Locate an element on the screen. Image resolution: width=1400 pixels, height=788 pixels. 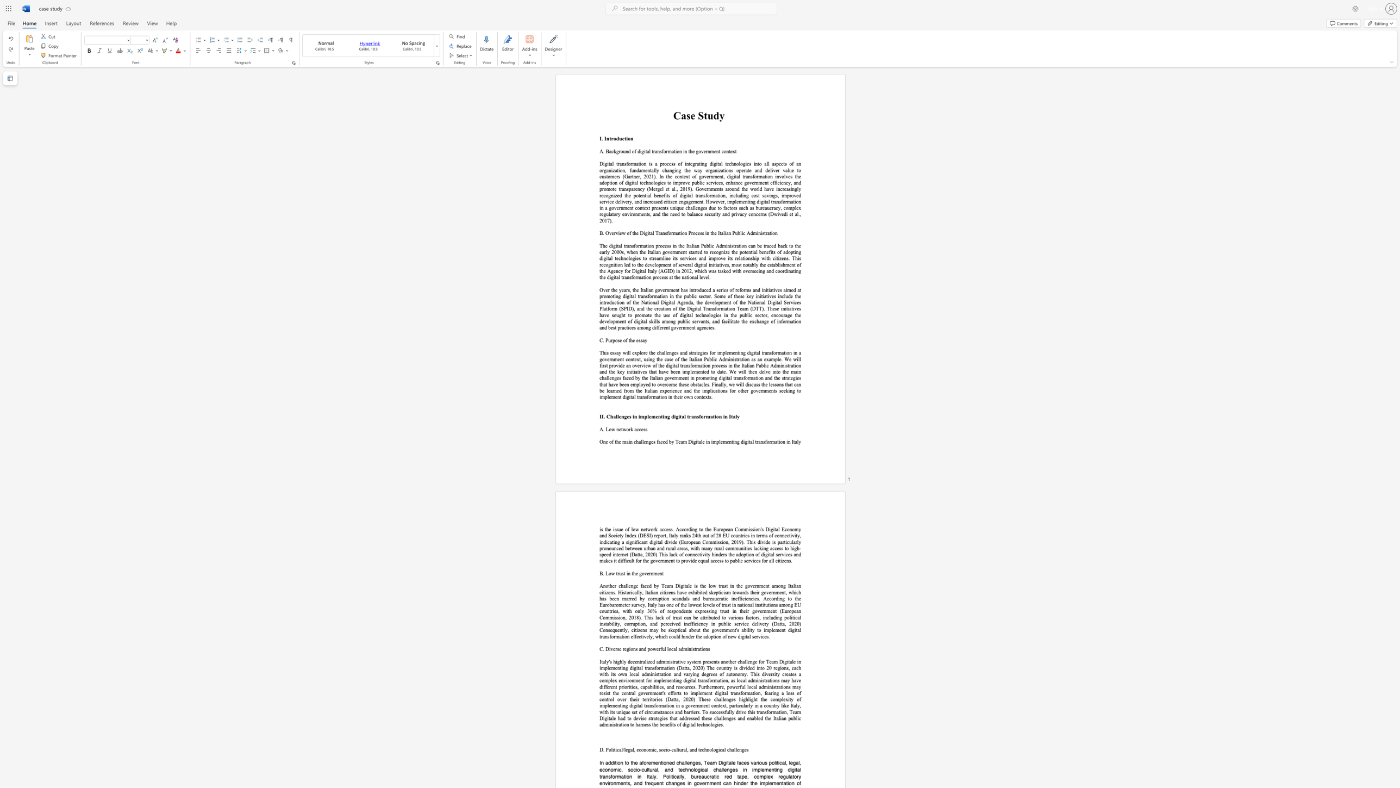
the subset text "s into all aspects of an organization, fundamentally changing the way organizations operate and deliver value to customers (Gartner, 2021). In the context of government, digital transformation involves the adoptio" within the text "Digital transformation is a process of integrating digital technologies into all aspects of an organization, fundamentally changing the way organizations operate and deliver value to customers (Gartner, 2021). In the context of government, digital transformation involves the adoption of digital technologies to improve public services, enhance government efficiency, and promote transparency (Mergel et al., 2019). Governments around the world have increasingly recognized the potential benefits of digital tran" is located at coordinates (748, 164).